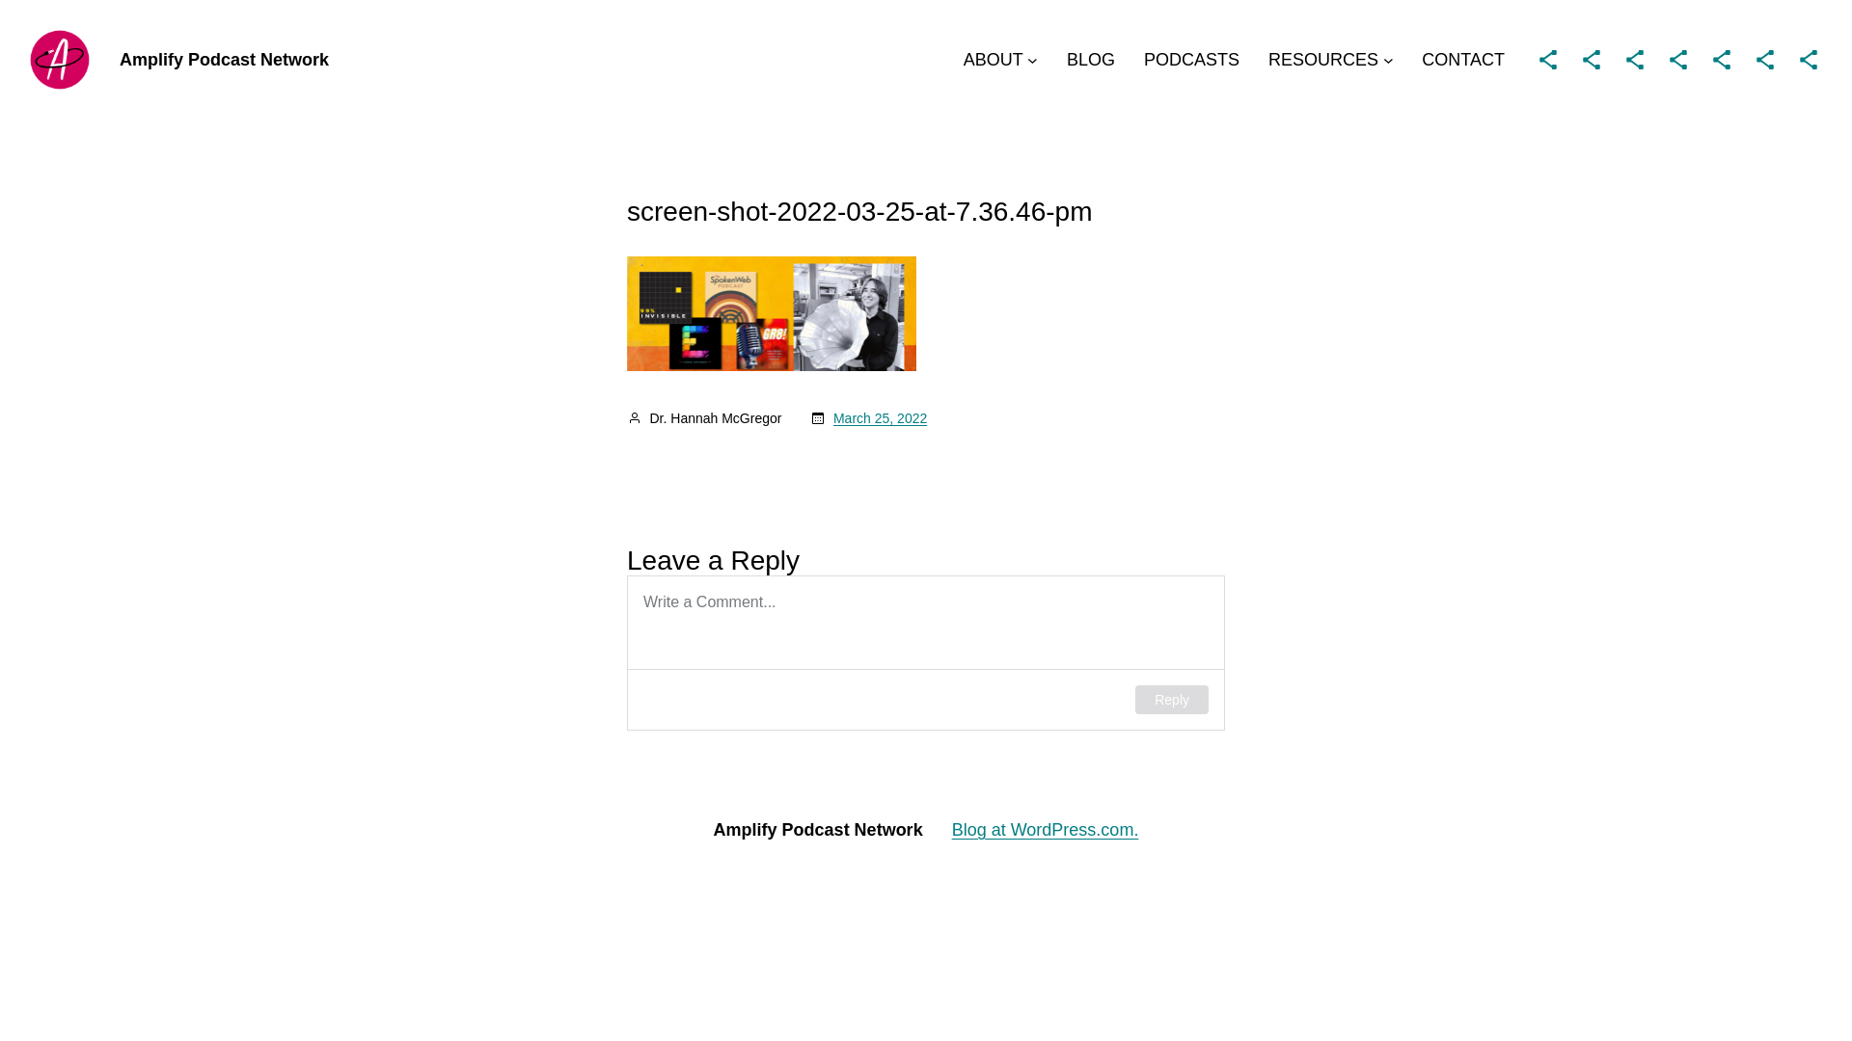 Image resolution: width=1852 pixels, height=1041 pixels. What do you see at coordinates (926, 652) in the screenshot?
I see `'Comment Form'` at bounding box center [926, 652].